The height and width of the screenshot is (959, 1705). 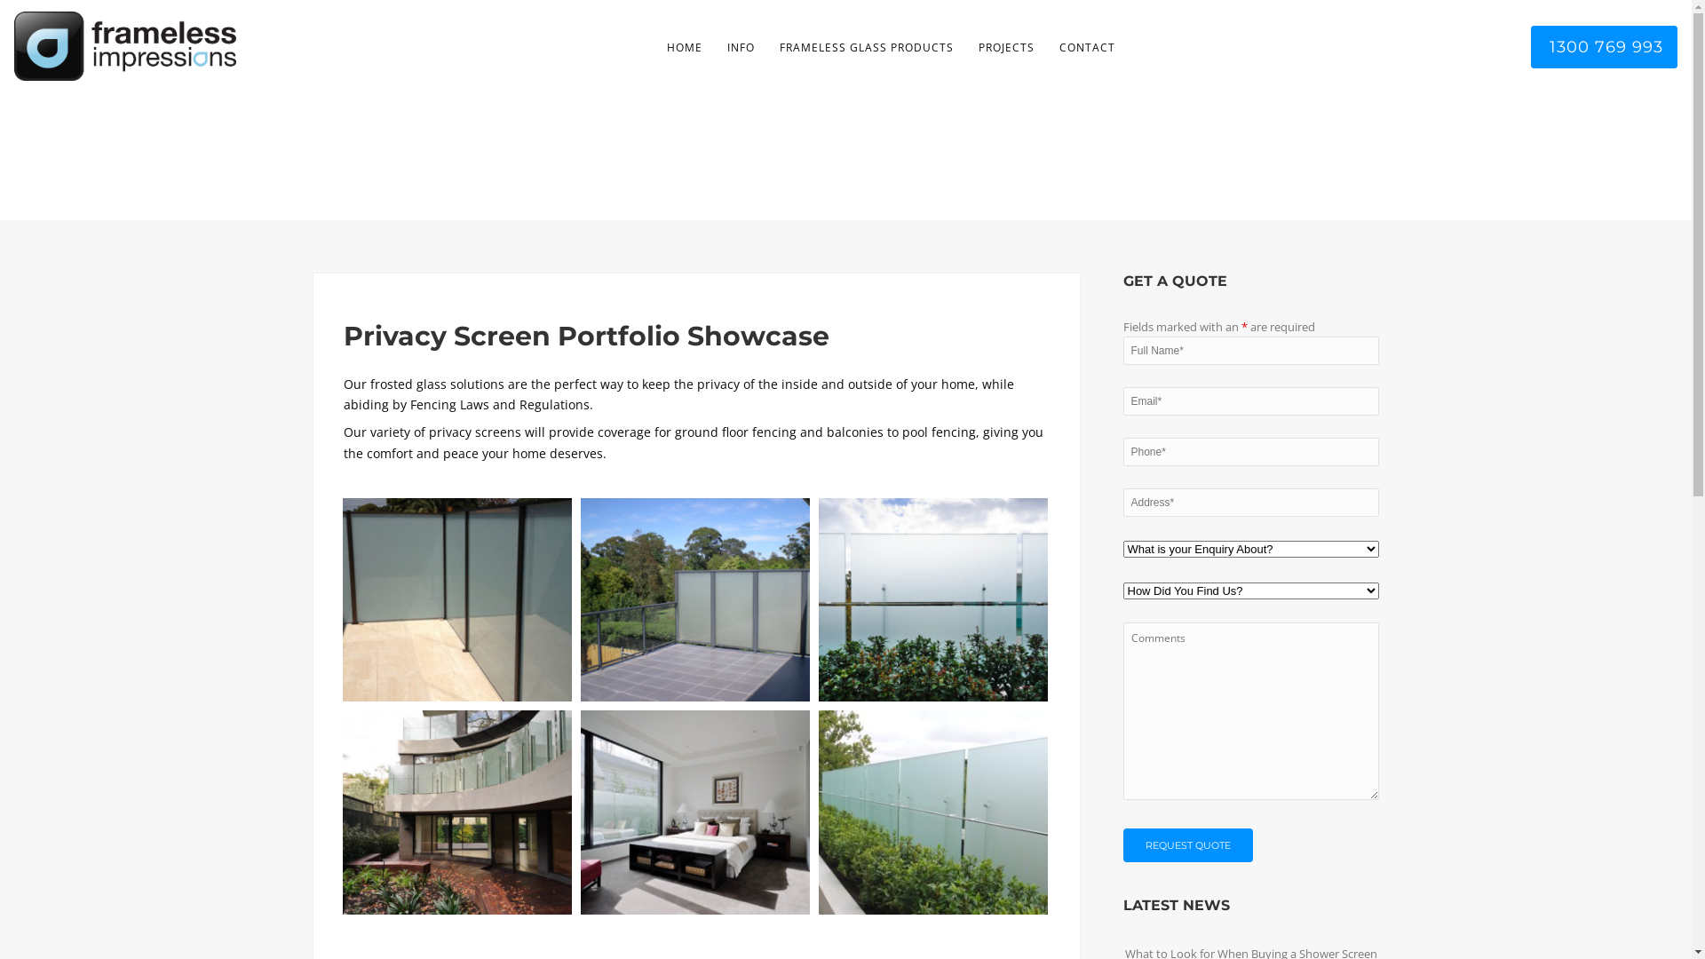 I want to click on 'CONTACT', so click(x=1085, y=47).